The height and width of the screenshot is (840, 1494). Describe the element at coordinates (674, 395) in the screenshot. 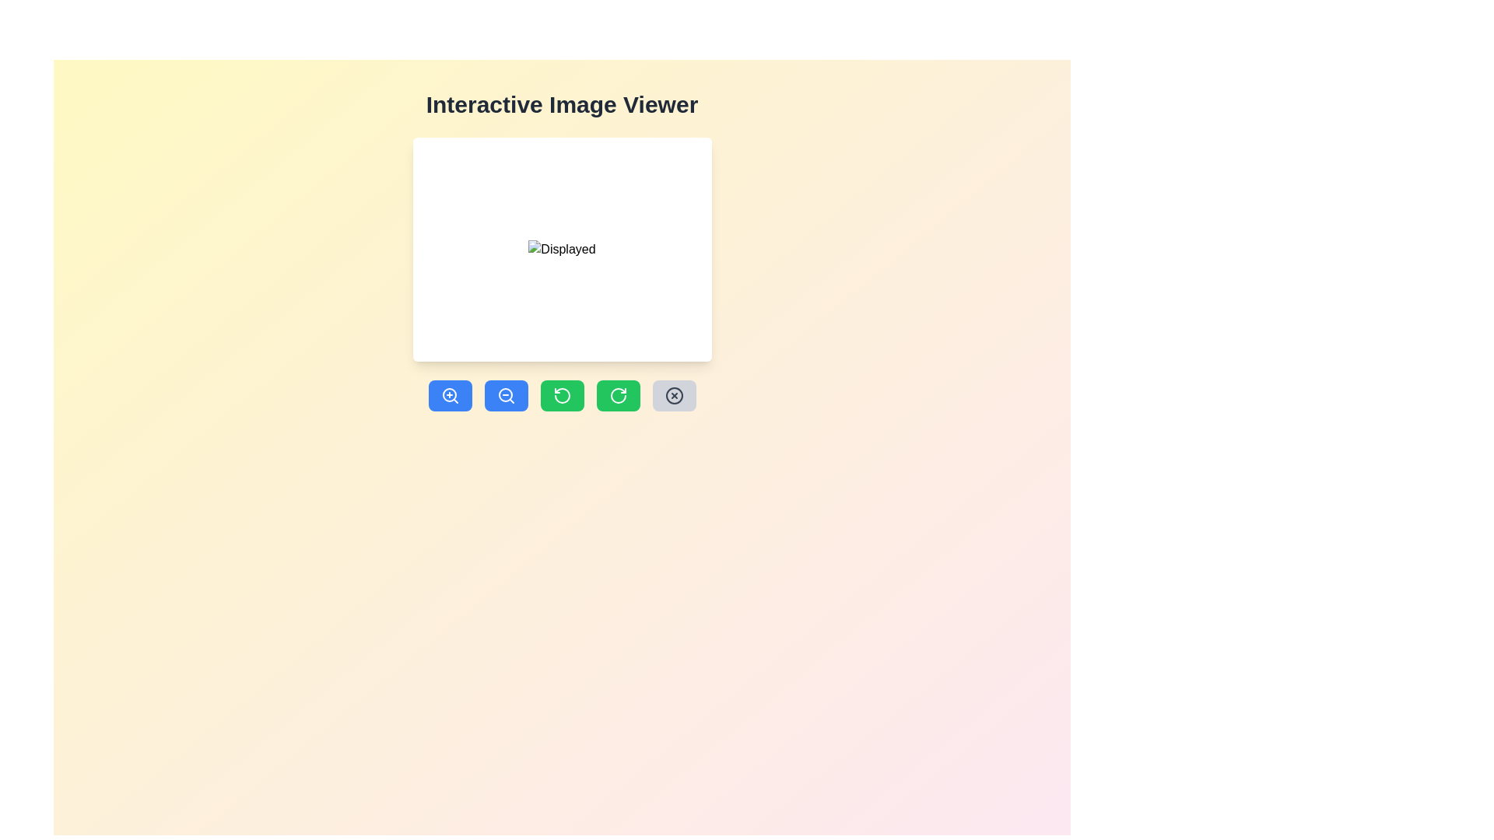

I see `the circular icon with a cross symbol in its center, located in the lower section of the interface` at that location.